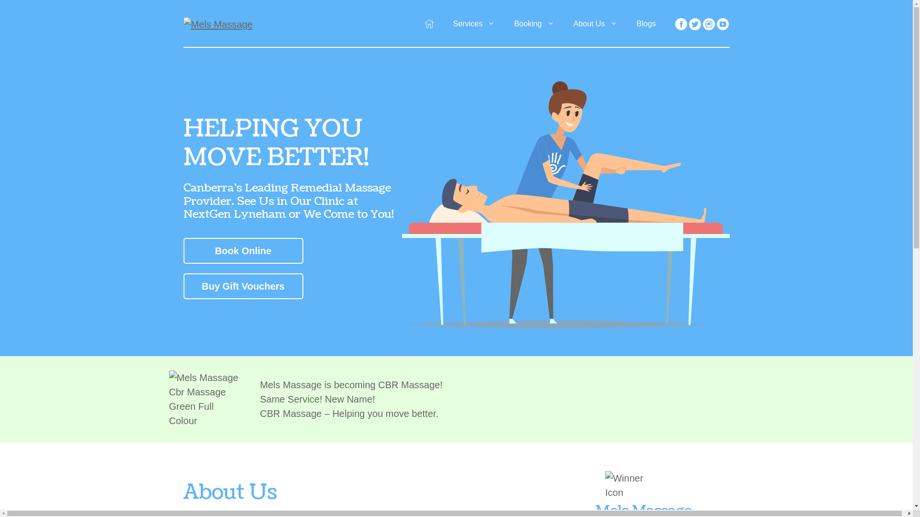 This screenshot has width=920, height=517. Describe the element at coordinates (243, 285) in the screenshot. I see `'Buy Gift Vouchers'` at that location.